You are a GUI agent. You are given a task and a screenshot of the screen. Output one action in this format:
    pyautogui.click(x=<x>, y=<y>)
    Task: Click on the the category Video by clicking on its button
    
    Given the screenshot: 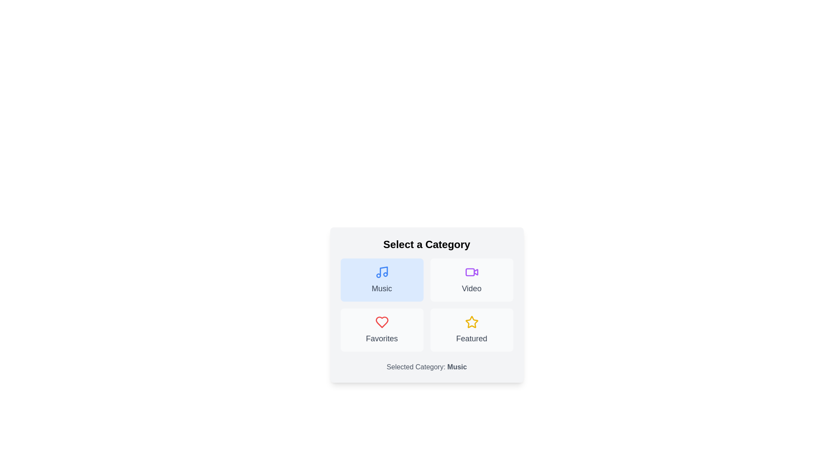 What is the action you would take?
    pyautogui.click(x=471, y=280)
    